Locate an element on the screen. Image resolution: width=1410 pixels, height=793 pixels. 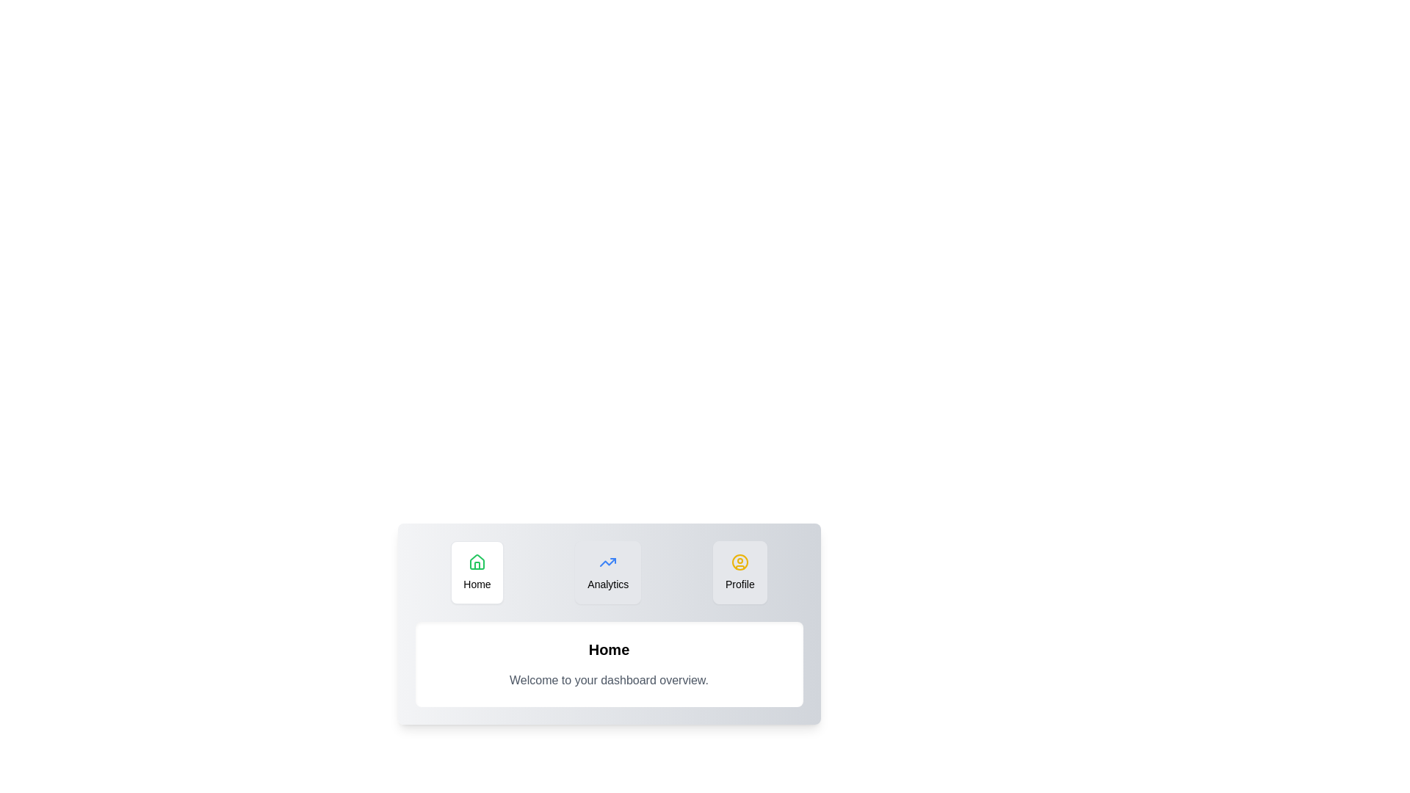
the Home tab to observe the hover effect is located at coordinates (476, 571).